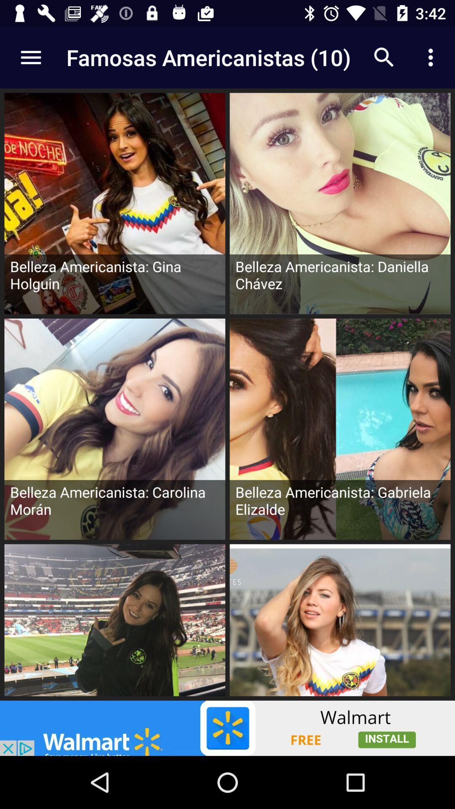  What do you see at coordinates (115, 622) in the screenshot?
I see `last row 1st image of the page` at bounding box center [115, 622].